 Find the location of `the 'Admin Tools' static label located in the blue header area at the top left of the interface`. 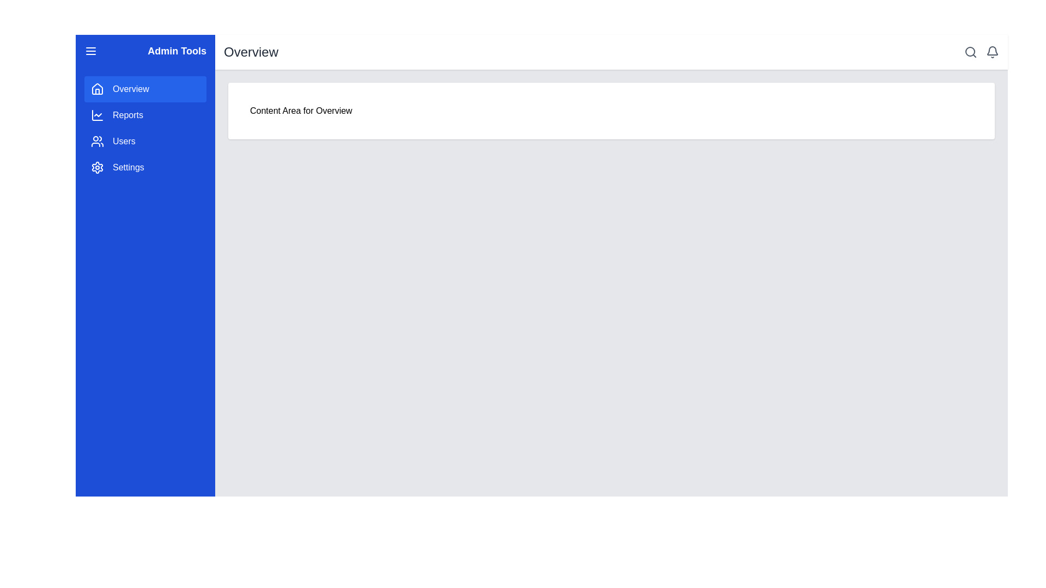

the 'Admin Tools' static label located in the blue header area at the top left of the interface is located at coordinates (177, 51).